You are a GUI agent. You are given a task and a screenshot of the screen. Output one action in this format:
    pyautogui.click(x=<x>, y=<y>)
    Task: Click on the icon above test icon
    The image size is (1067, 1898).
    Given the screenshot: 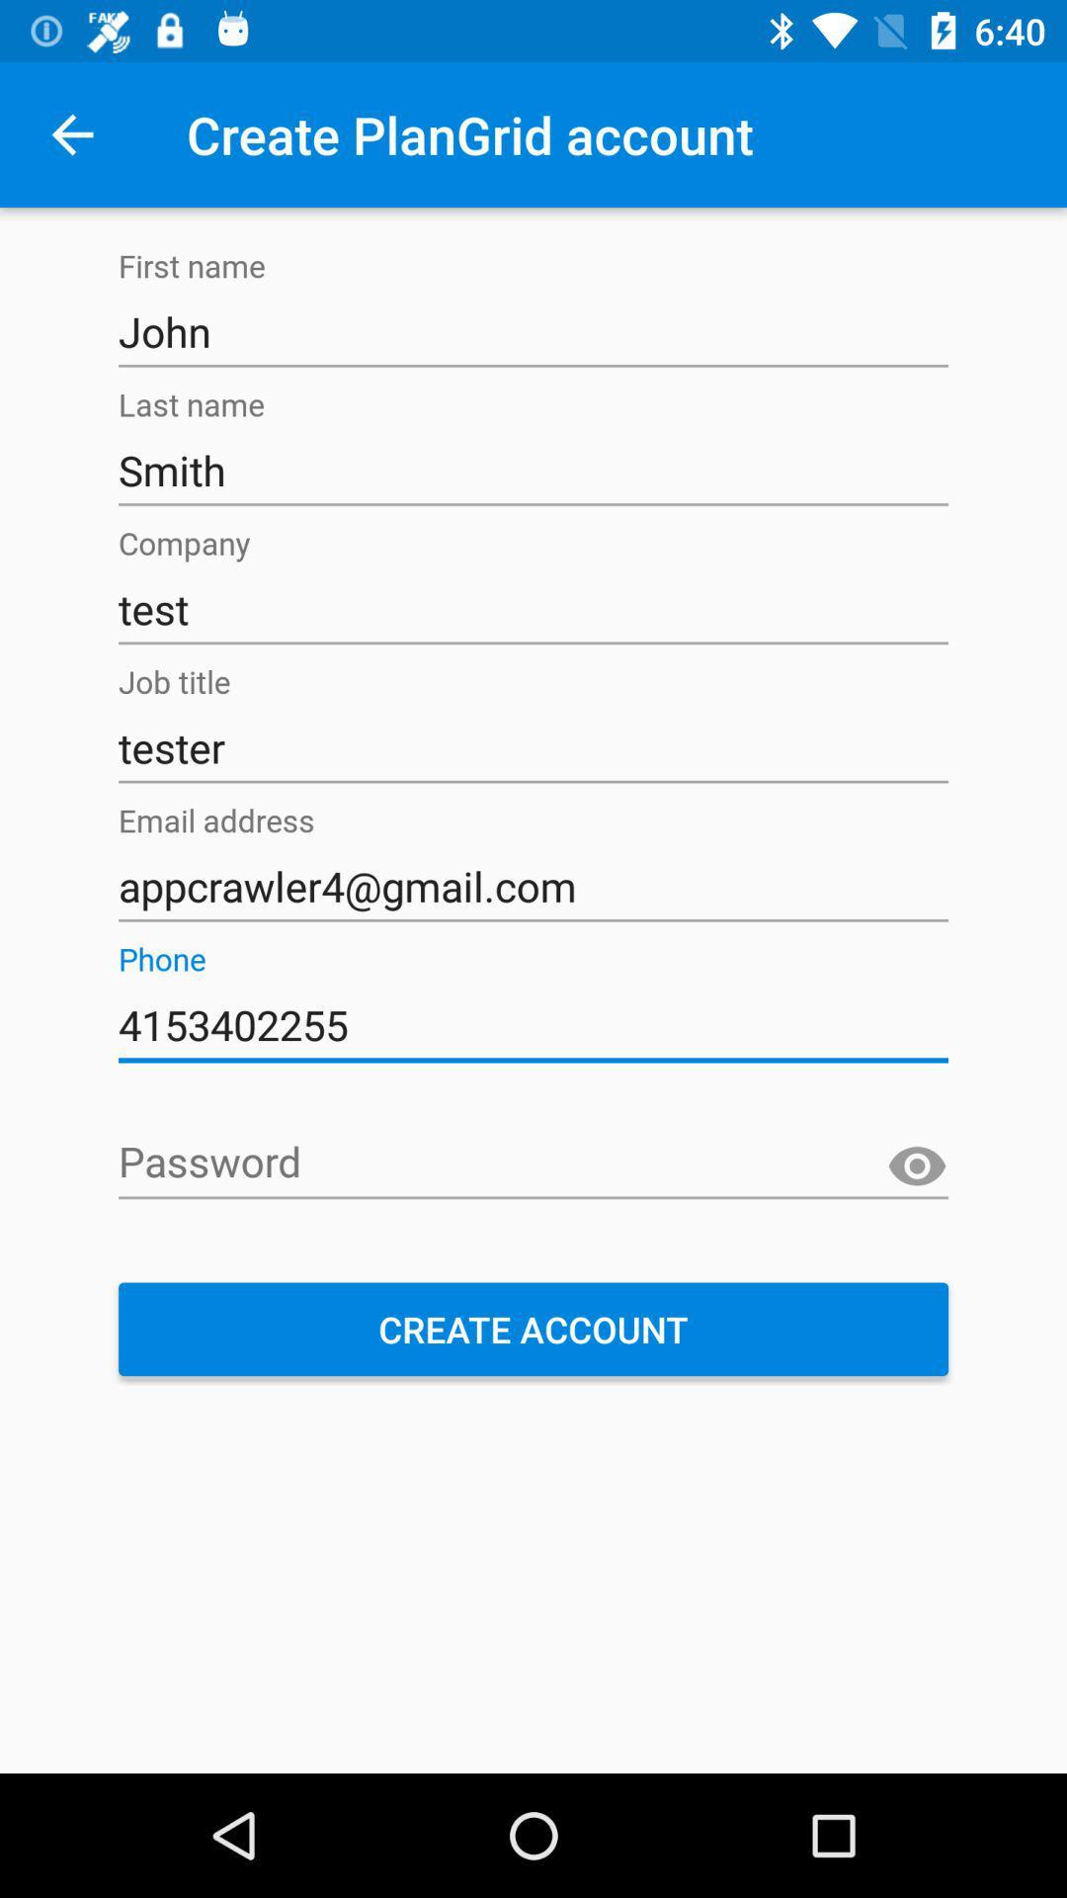 What is the action you would take?
    pyautogui.click(x=533, y=470)
    